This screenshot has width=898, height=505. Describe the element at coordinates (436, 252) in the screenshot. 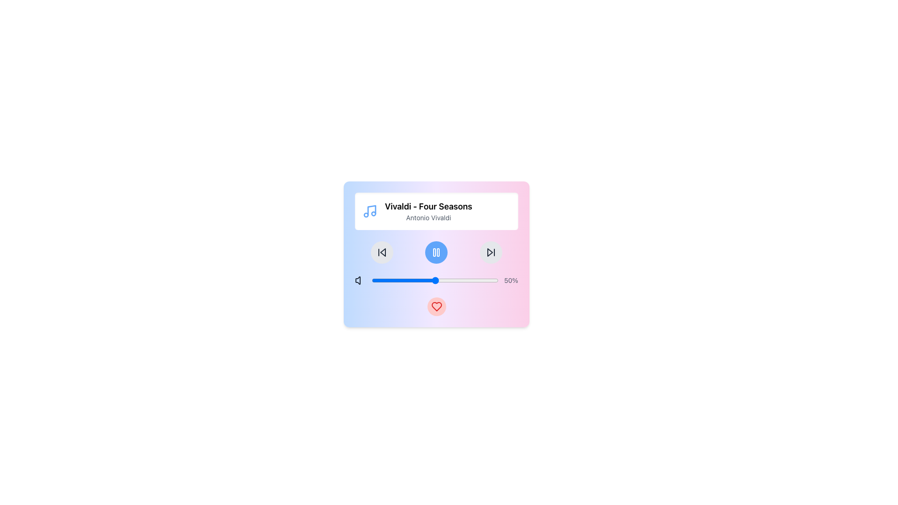

I see `the pause button icon, which is represented by two vertical bars in the center of a blue circular button located in the middle row of the media control section` at that location.